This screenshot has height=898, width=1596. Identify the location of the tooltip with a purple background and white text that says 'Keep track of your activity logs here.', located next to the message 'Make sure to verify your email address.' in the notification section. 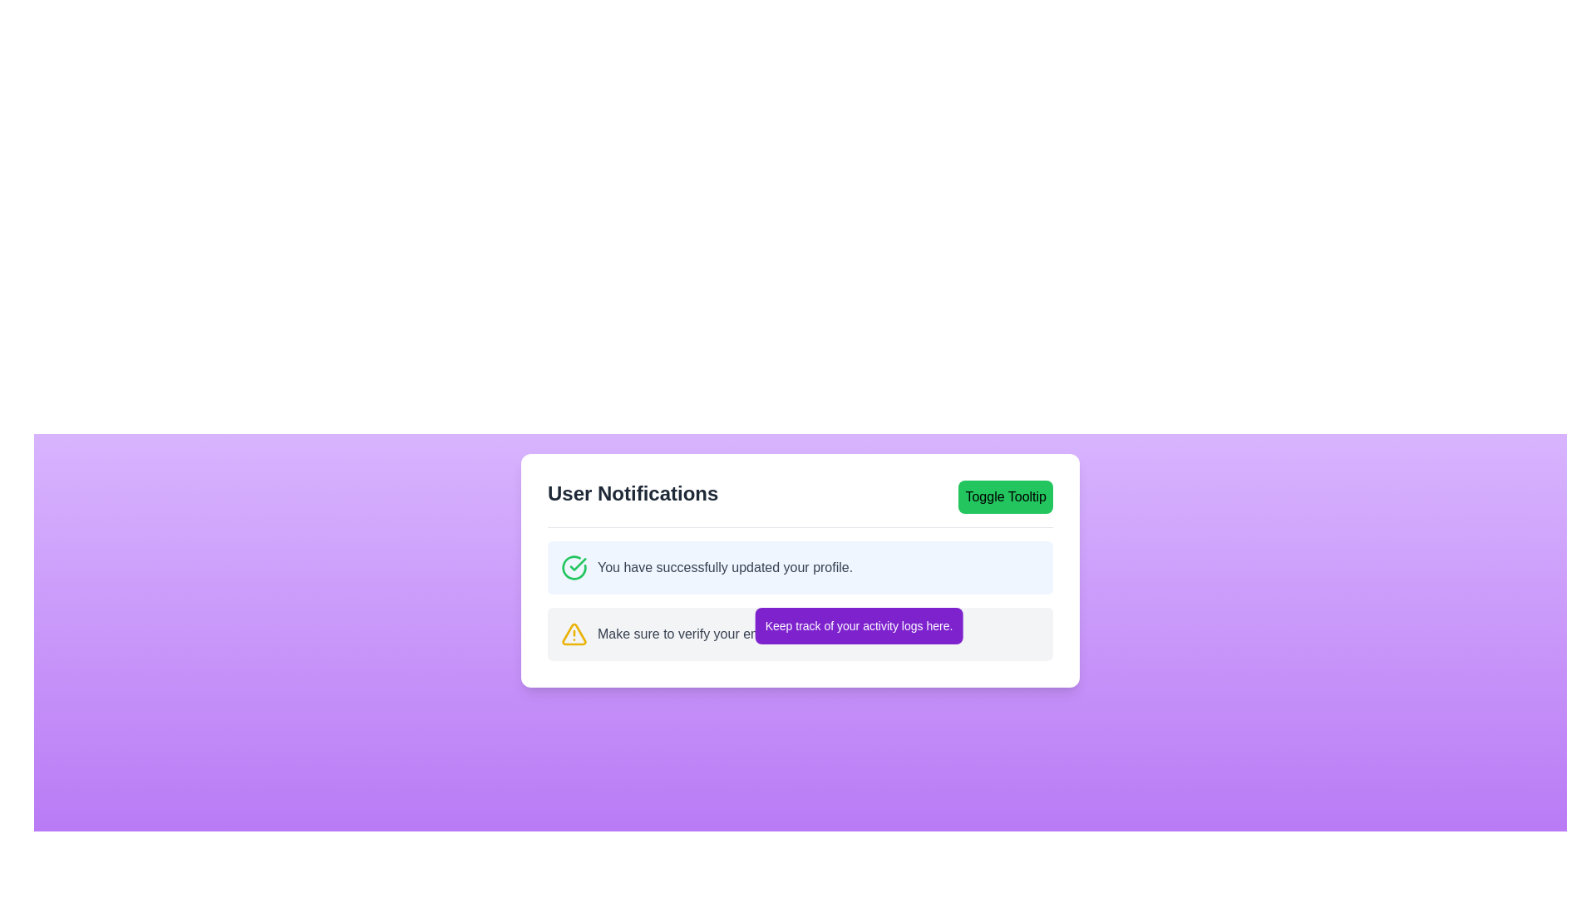
(800, 634).